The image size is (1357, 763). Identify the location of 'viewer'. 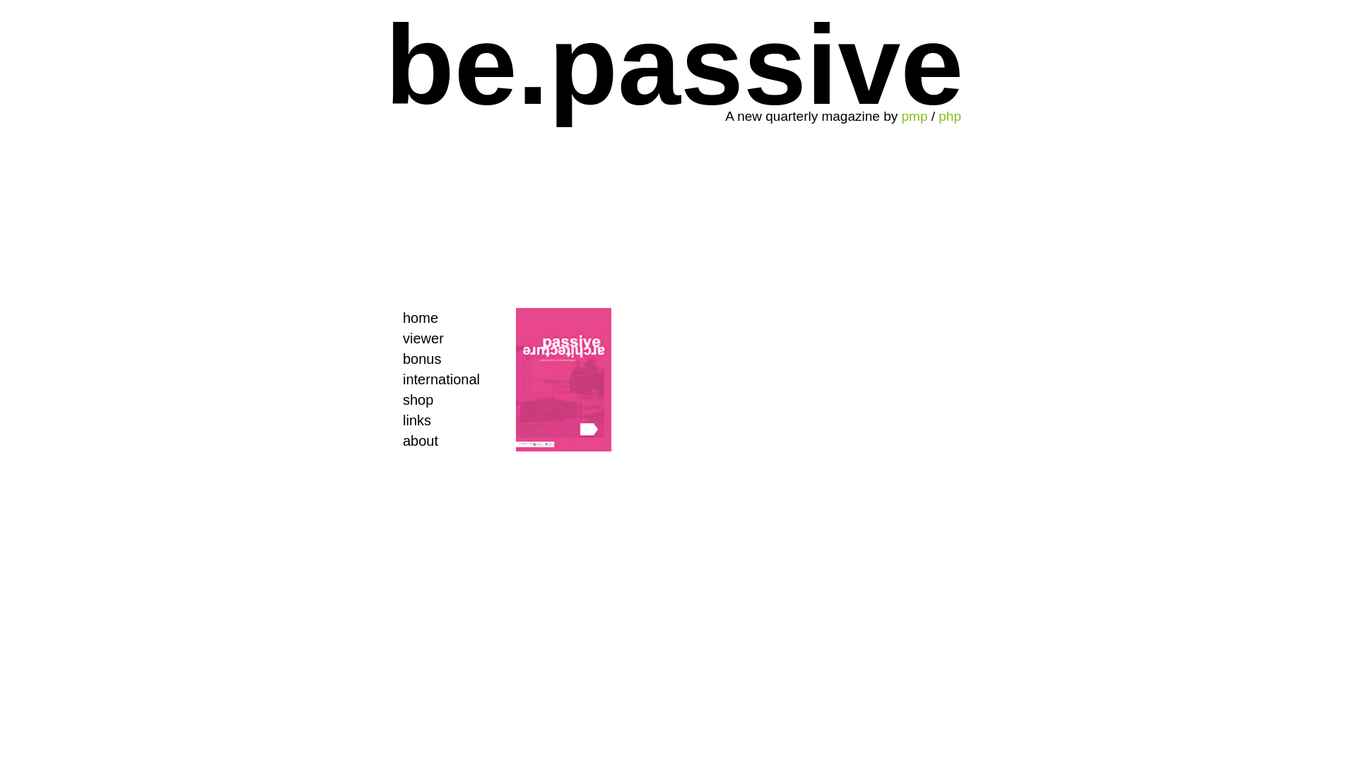
(437, 338).